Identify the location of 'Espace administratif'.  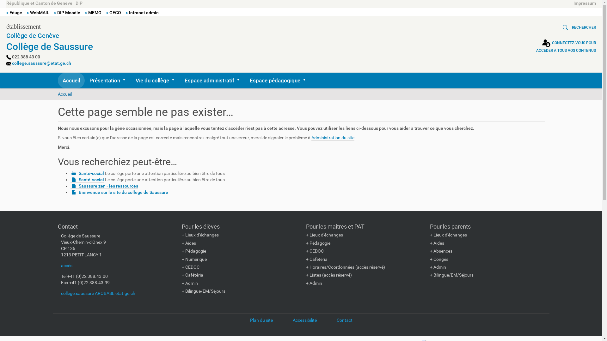
(212, 80).